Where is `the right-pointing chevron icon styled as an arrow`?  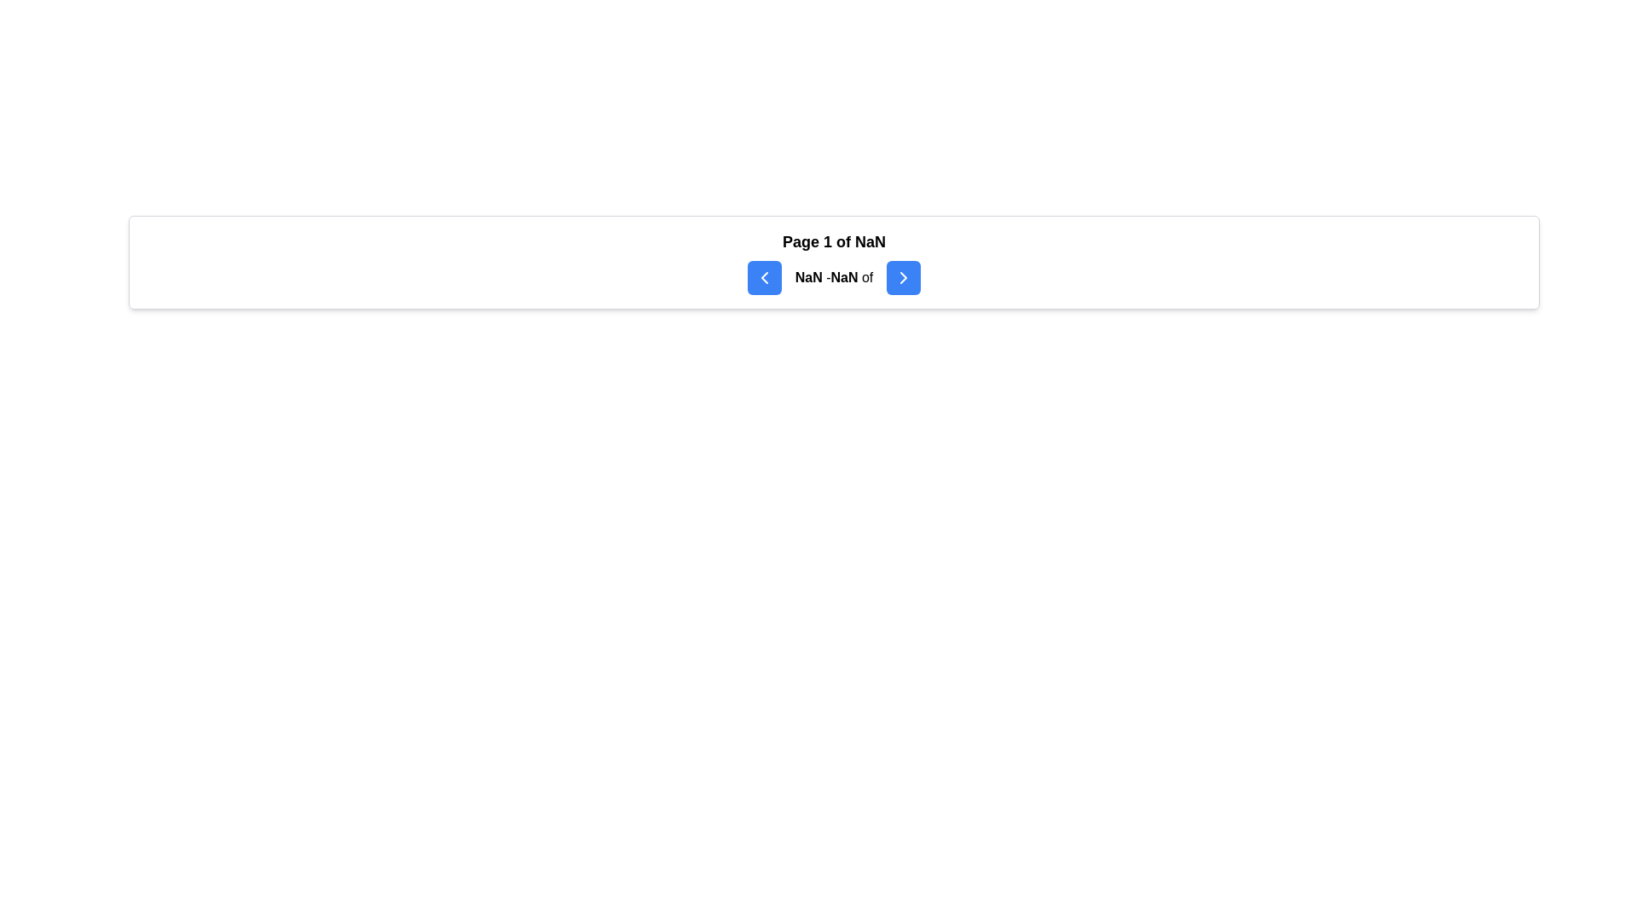
the right-pointing chevron icon styled as an arrow is located at coordinates (903, 277).